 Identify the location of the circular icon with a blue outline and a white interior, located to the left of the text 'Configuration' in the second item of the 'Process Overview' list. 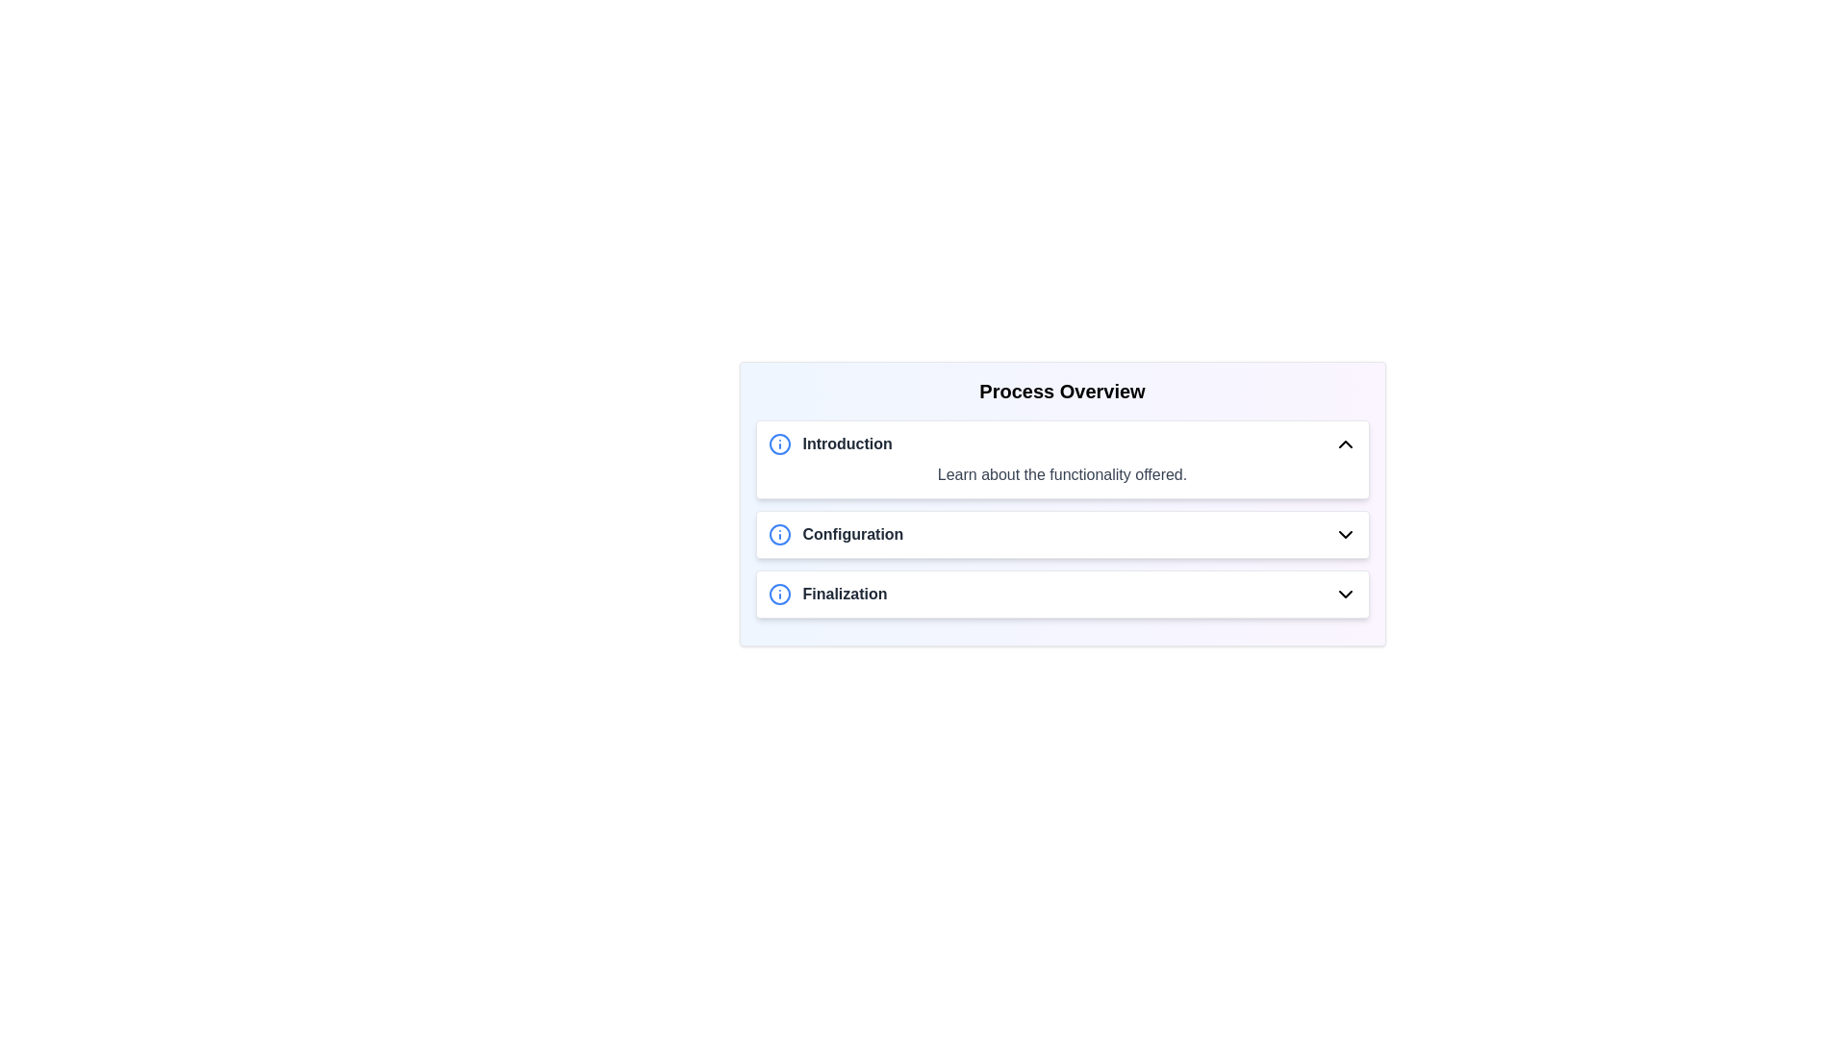
(779, 534).